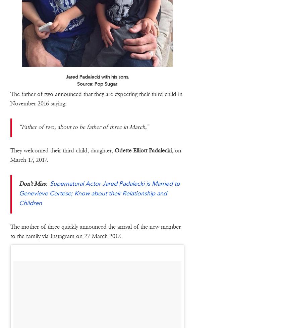 This screenshot has height=328, width=285. I want to click on 'Jared Padalecki with his sons.', so click(65, 76).